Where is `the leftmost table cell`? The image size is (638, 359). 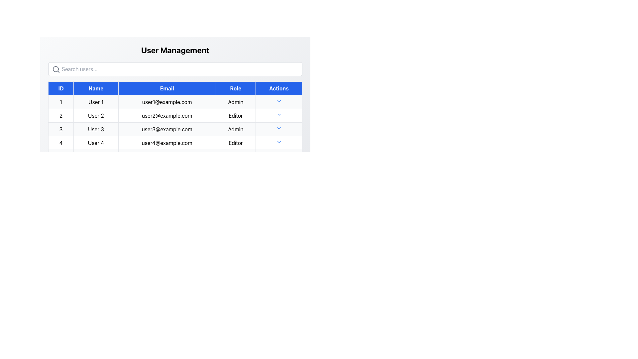
the leftmost table cell is located at coordinates (61, 115).